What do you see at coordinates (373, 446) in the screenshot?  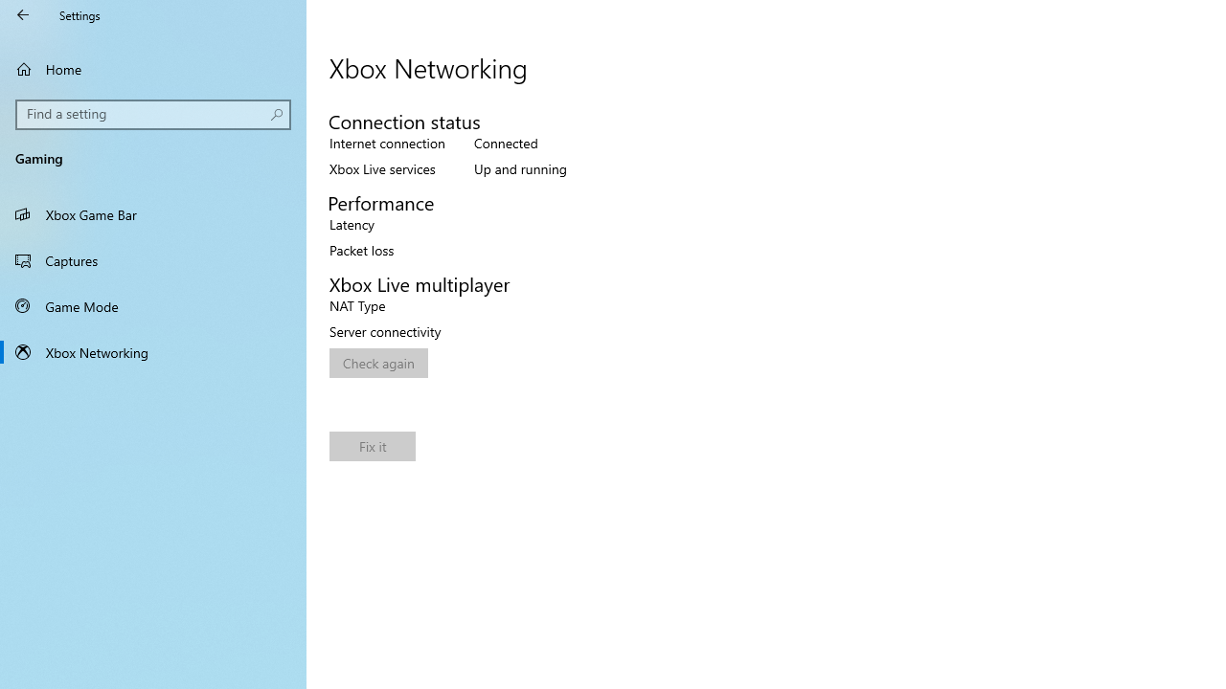 I see `'Fix it'` at bounding box center [373, 446].